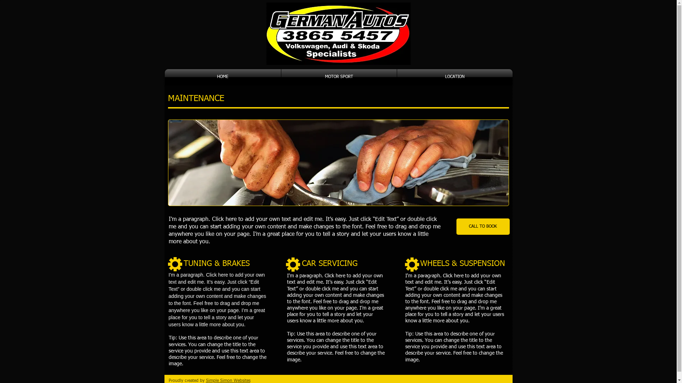  Describe the element at coordinates (482, 227) in the screenshot. I see `'CALL TO BOOK'` at that location.